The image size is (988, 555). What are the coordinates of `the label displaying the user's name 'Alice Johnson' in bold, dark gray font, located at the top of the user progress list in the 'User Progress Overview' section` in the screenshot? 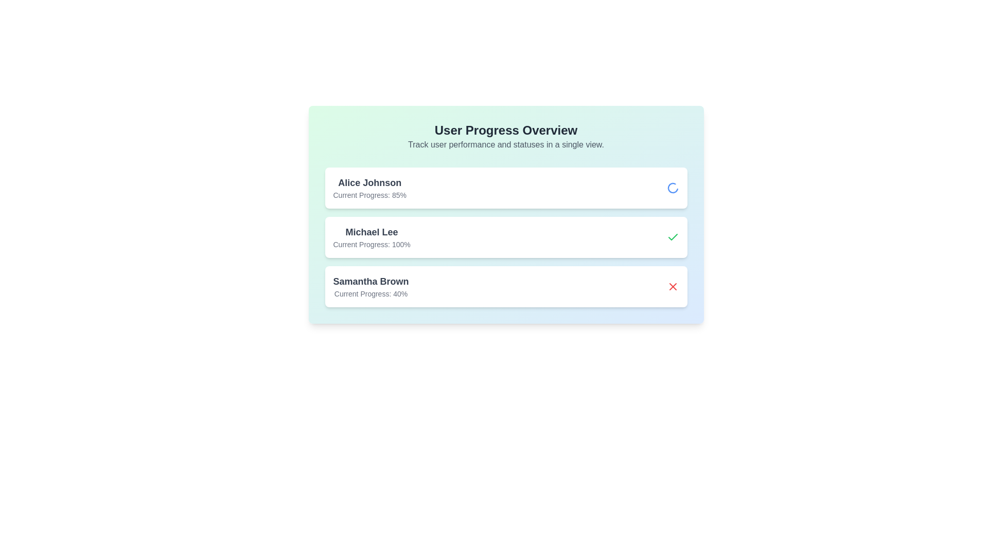 It's located at (369, 182).